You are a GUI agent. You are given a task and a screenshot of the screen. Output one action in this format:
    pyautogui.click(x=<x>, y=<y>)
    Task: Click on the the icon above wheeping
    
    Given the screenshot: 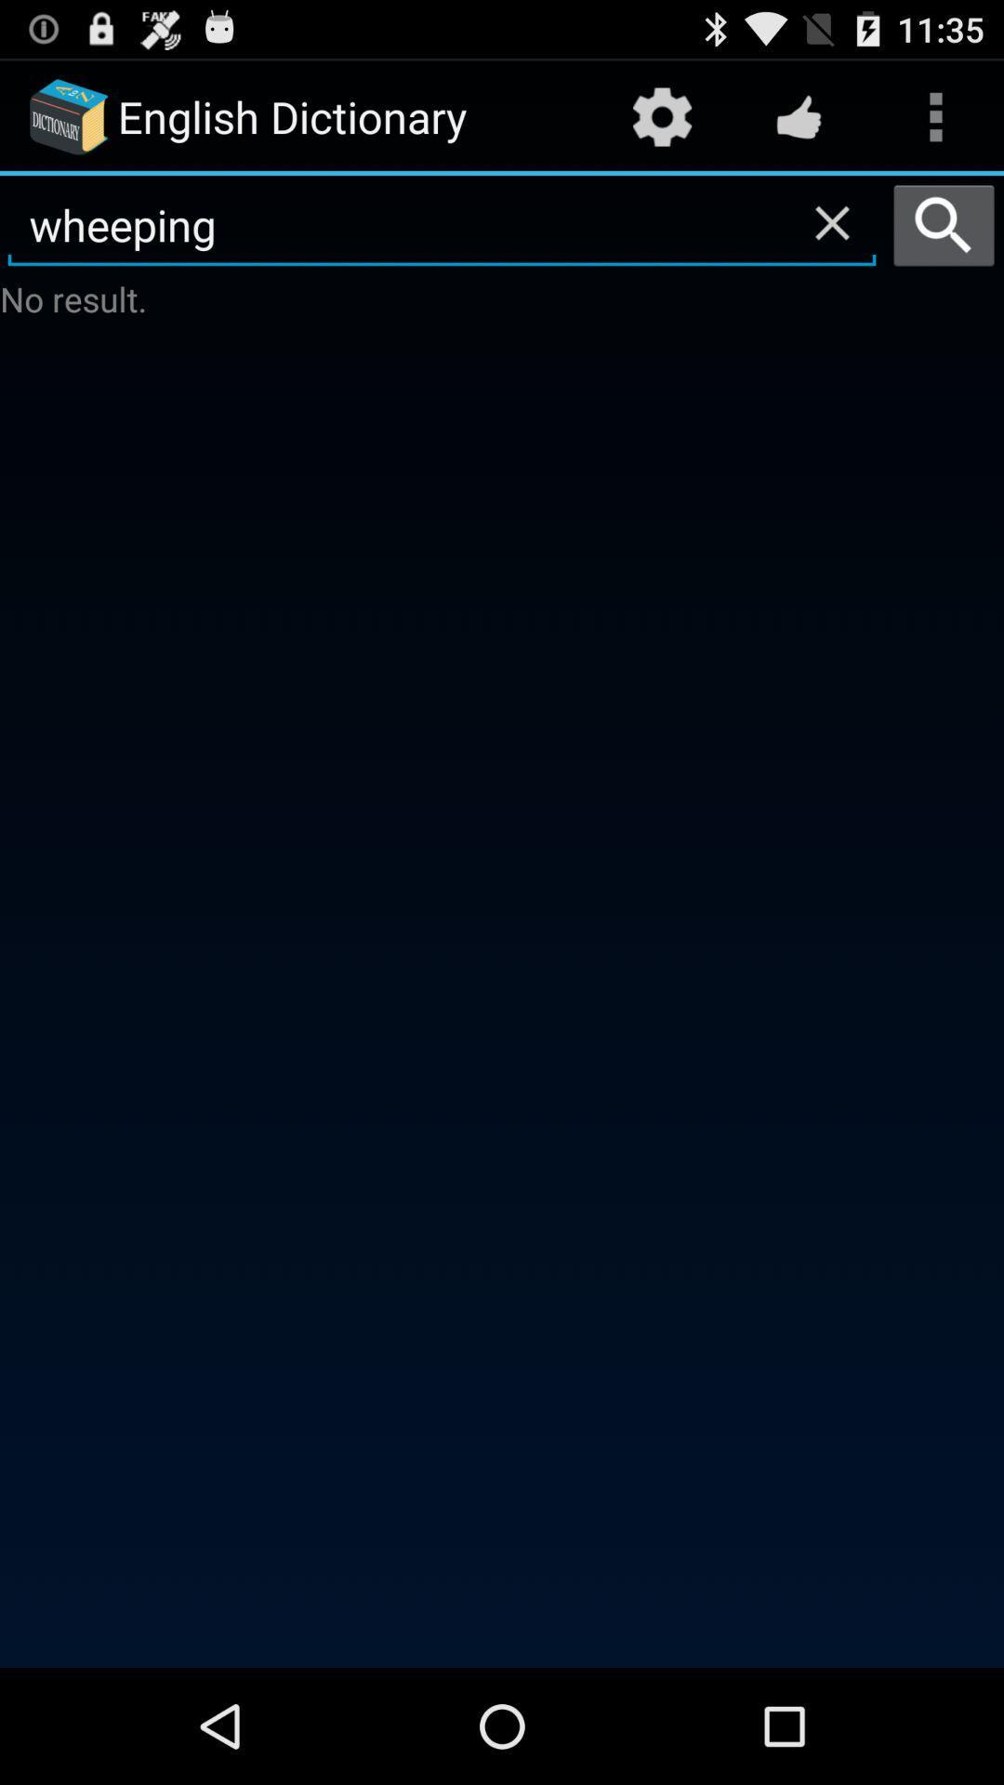 What is the action you would take?
    pyautogui.click(x=661, y=115)
    